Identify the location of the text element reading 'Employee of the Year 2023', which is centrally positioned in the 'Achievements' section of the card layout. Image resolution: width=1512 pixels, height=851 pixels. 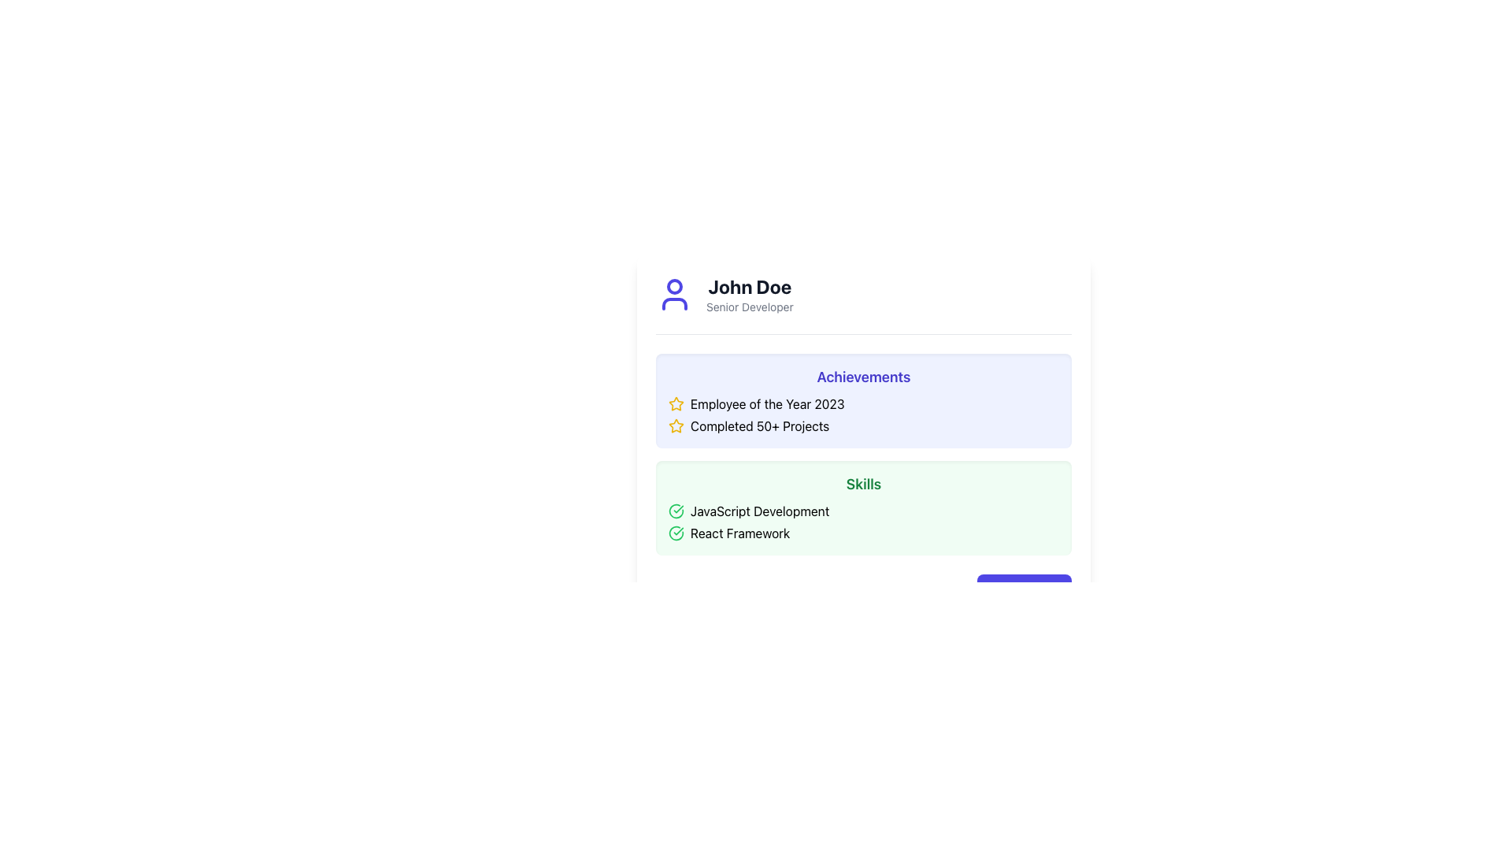
(767, 403).